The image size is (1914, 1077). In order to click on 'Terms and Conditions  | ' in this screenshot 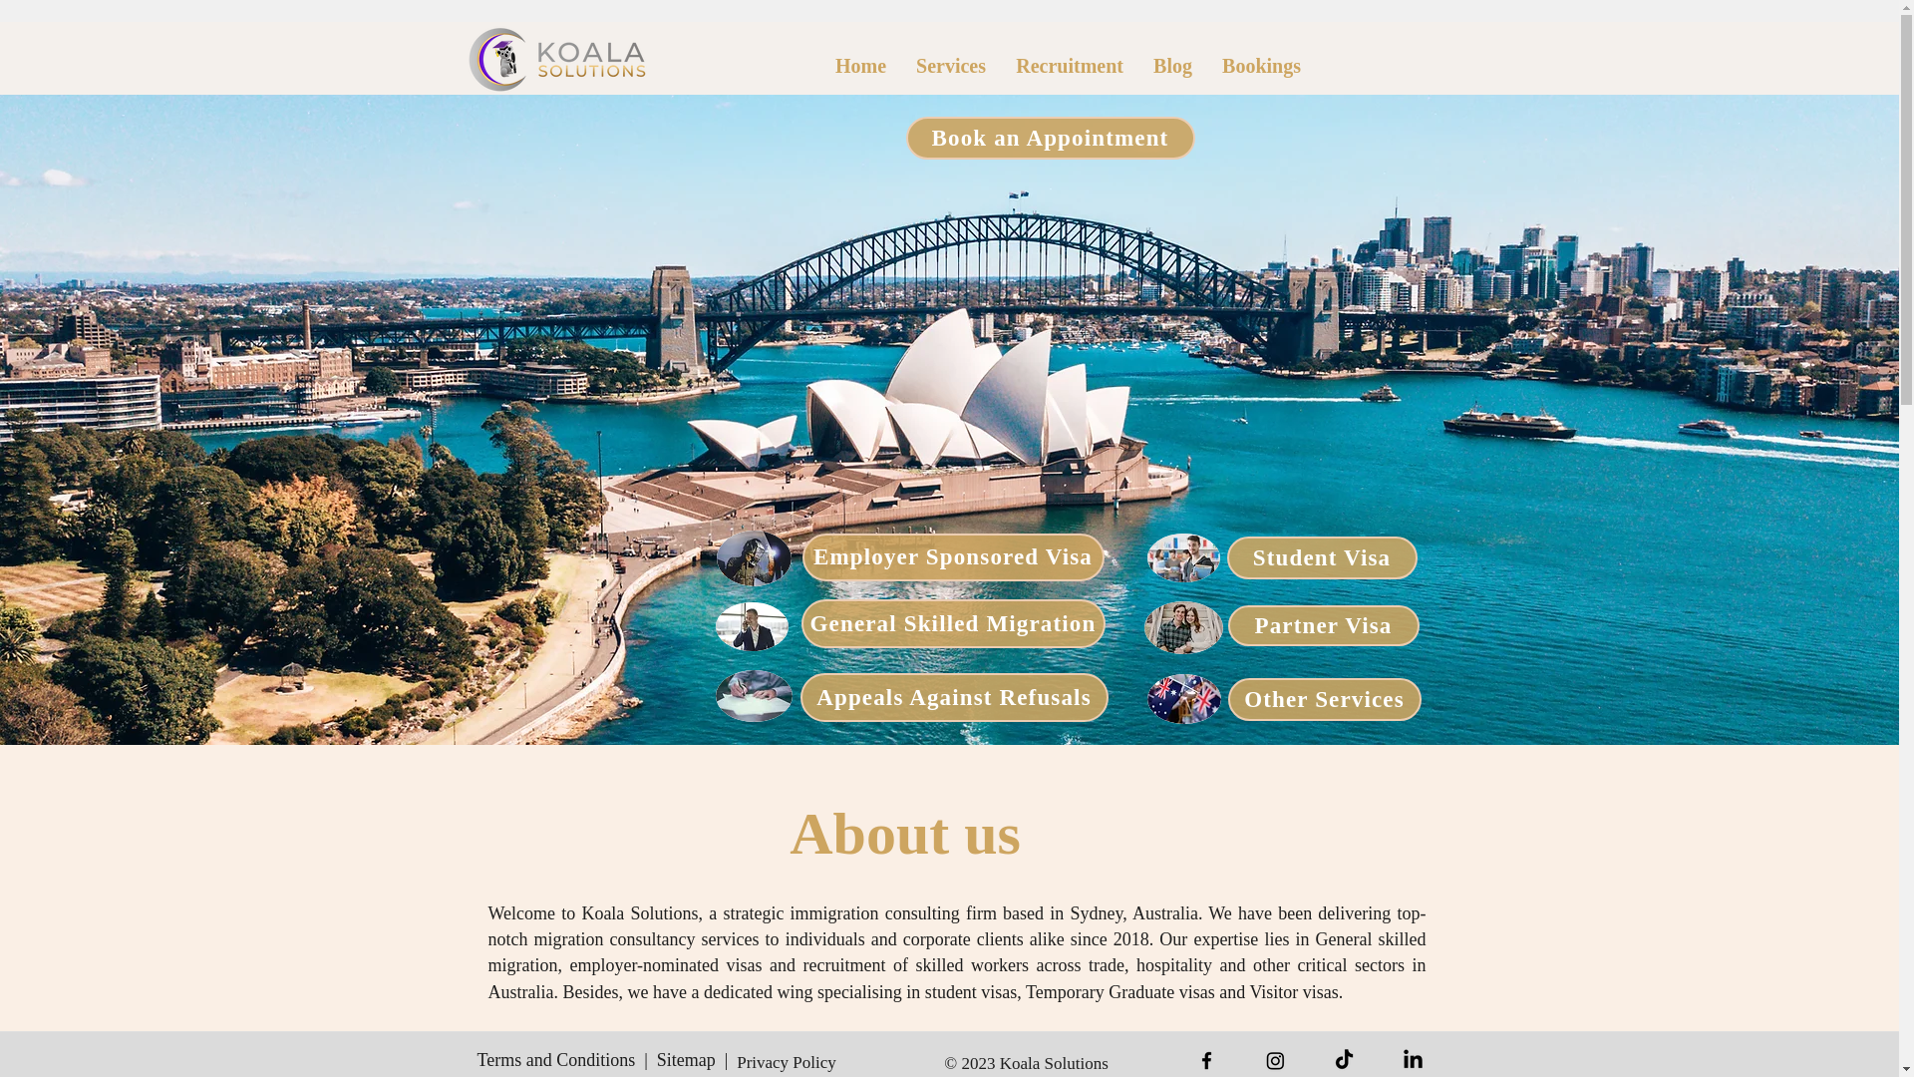, I will do `click(566, 1059)`.